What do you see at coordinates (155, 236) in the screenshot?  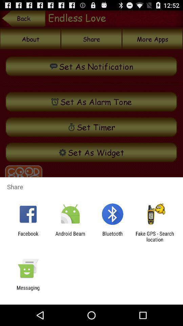 I see `app next to bluetooth` at bounding box center [155, 236].